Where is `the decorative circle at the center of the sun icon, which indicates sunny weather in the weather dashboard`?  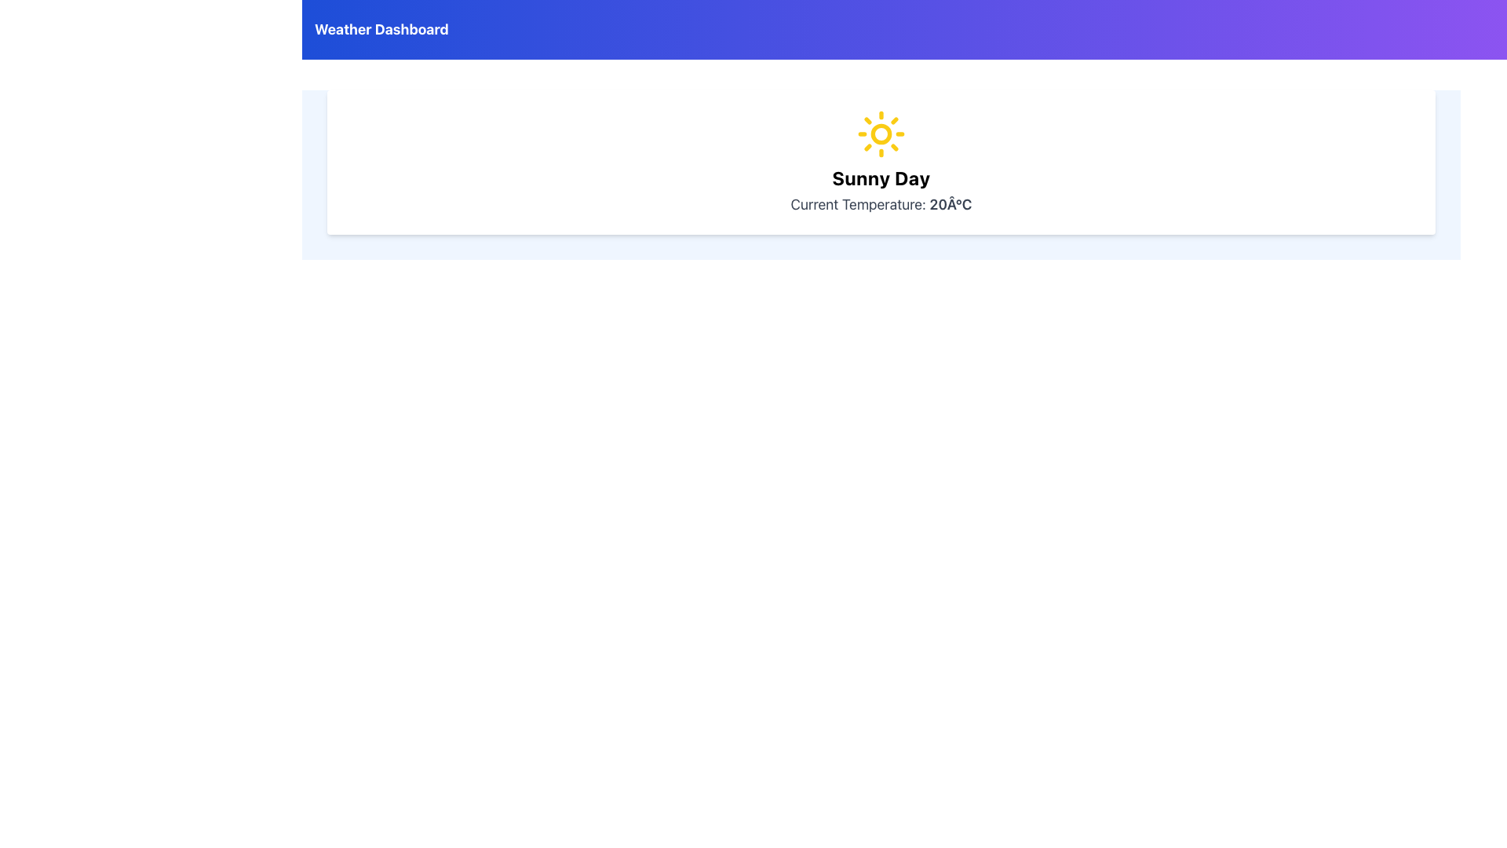
the decorative circle at the center of the sun icon, which indicates sunny weather in the weather dashboard is located at coordinates (881, 133).